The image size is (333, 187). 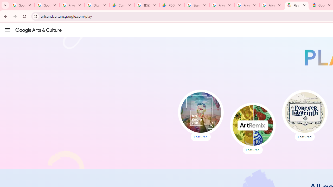 I want to click on 'The Forever Labyrinth', so click(x=305, y=112).